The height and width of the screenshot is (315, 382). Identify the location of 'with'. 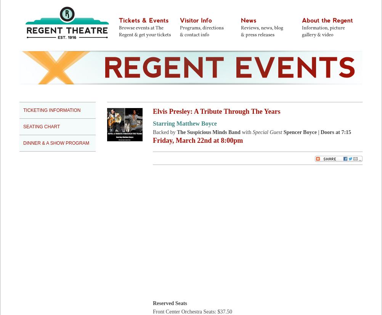
(246, 132).